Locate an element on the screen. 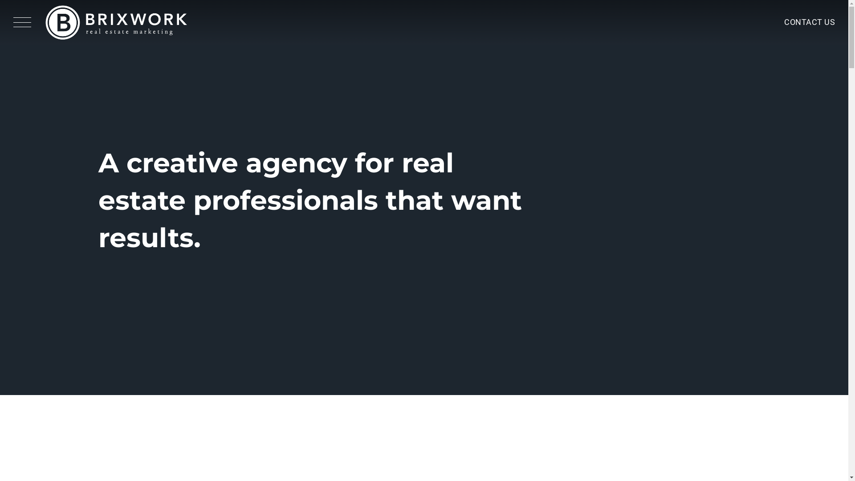 This screenshot has width=855, height=481. 'CONTACT US' is located at coordinates (810, 22).